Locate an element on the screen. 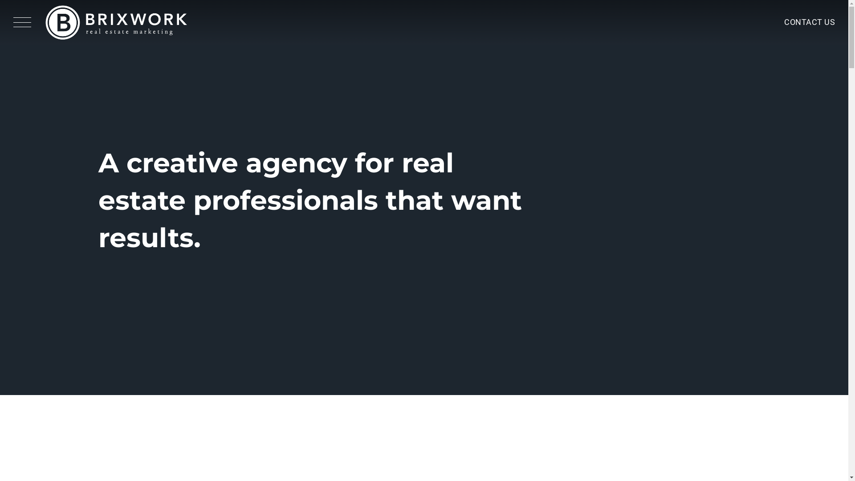 This screenshot has width=855, height=481. 'CONTACT US' is located at coordinates (810, 22).